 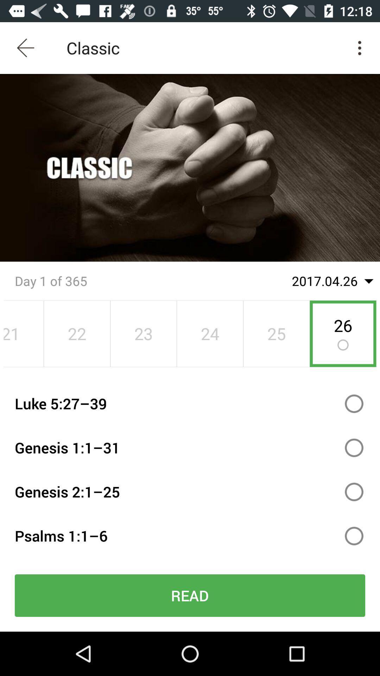 What do you see at coordinates (354, 492) in the screenshot?
I see `select genesis 2:1-25` at bounding box center [354, 492].